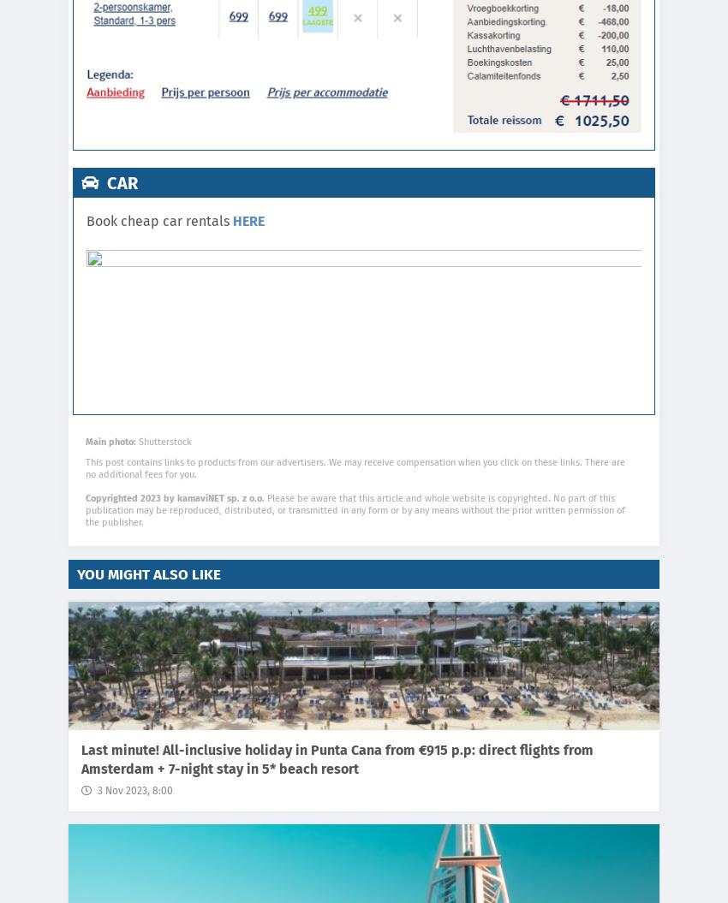 This screenshot has width=728, height=903. What do you see at coordinates (147, 573) in the screenshot?
I see `'You might also like'` at bounding box center [147, 573].